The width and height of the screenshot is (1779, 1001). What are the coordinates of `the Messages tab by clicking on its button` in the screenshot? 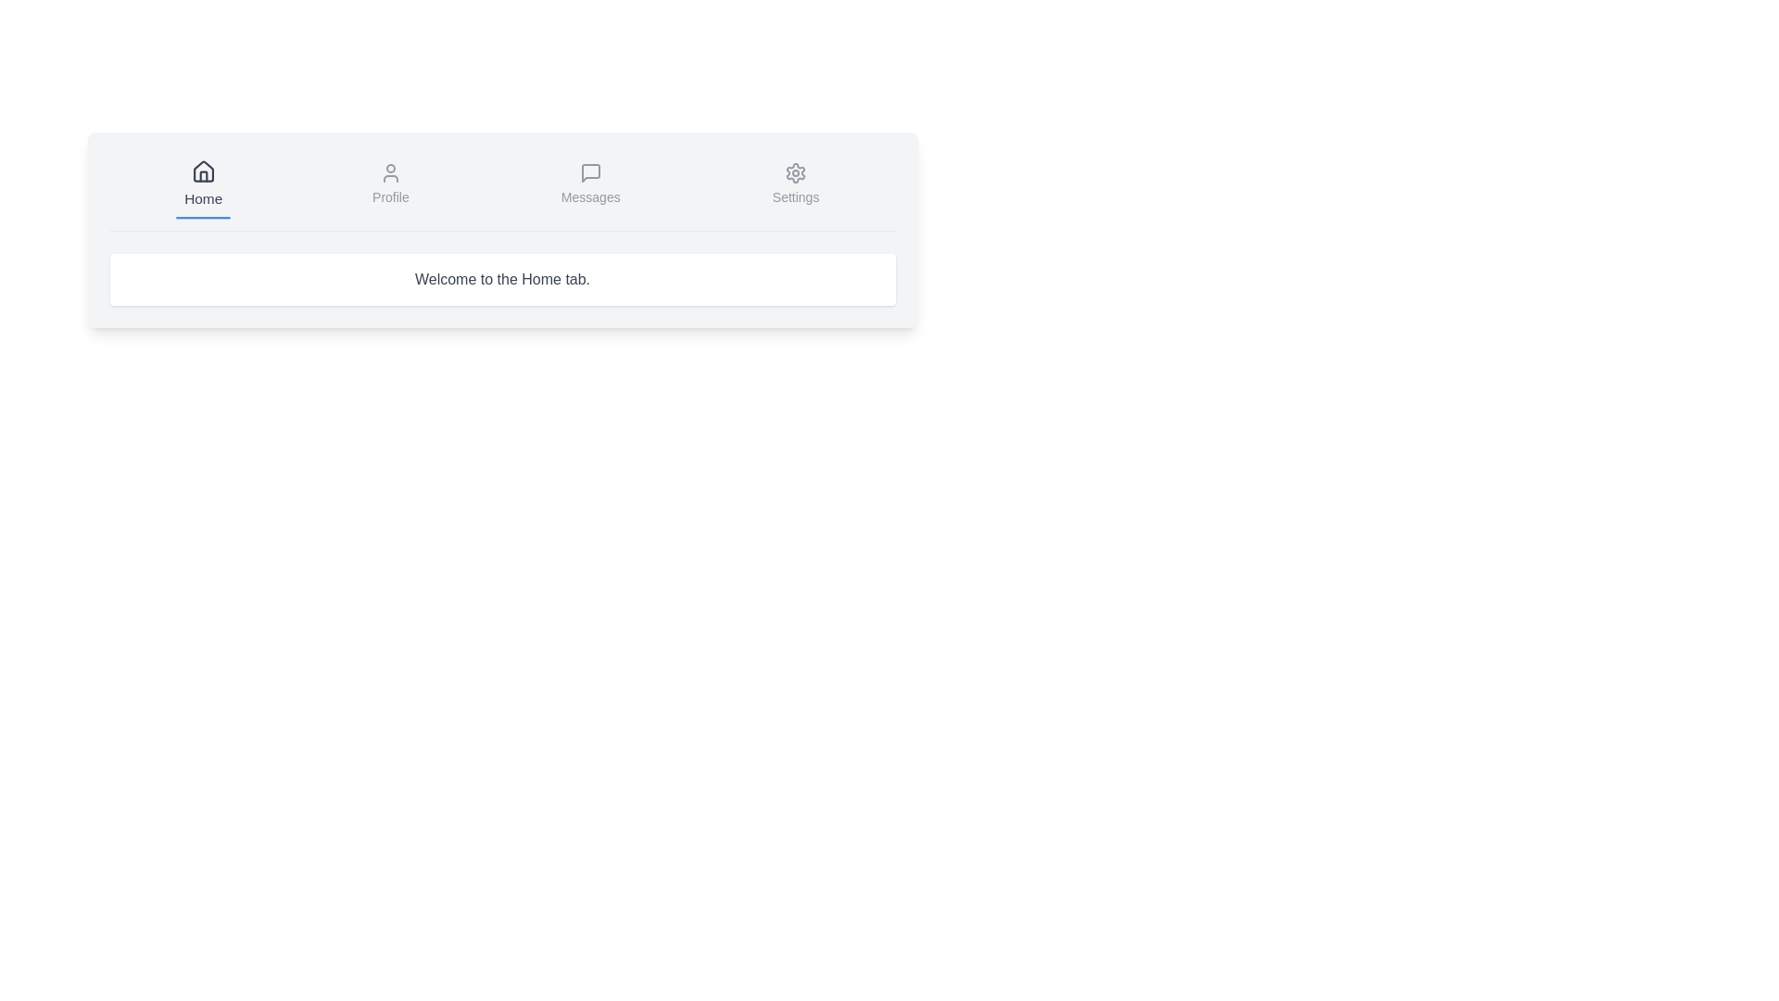 It's located at (589, 185).